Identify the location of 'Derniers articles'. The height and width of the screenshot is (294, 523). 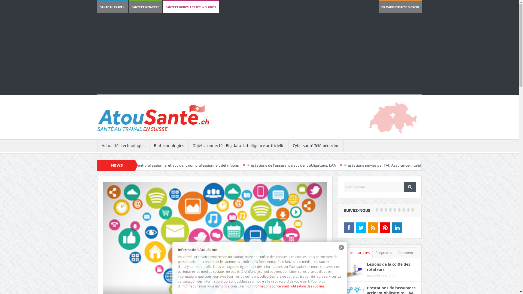
(357, 253).